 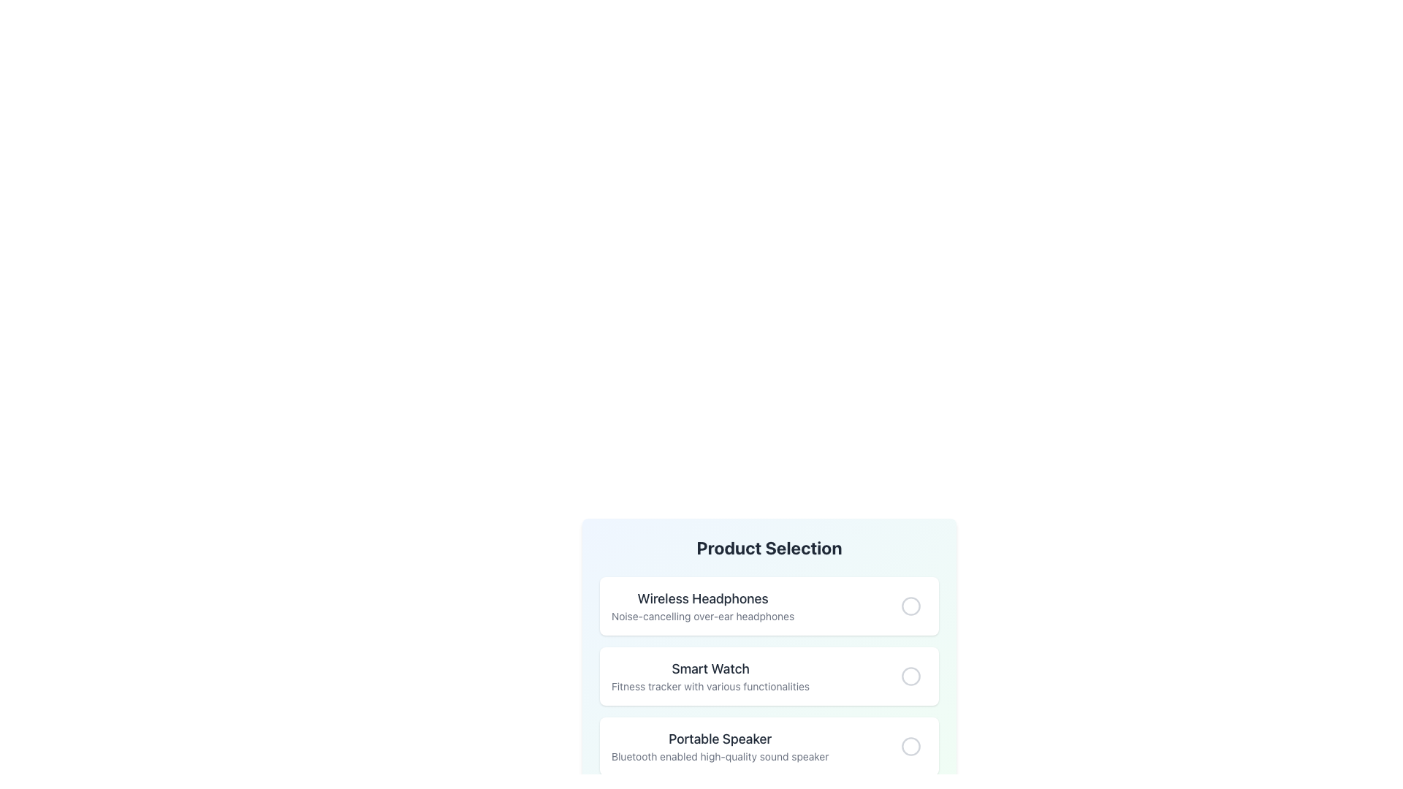 I want to click on the unselected radio button for 'Wireless Headphones' located to the right of the 'Product Selection' header, so click(x=910, y=606).